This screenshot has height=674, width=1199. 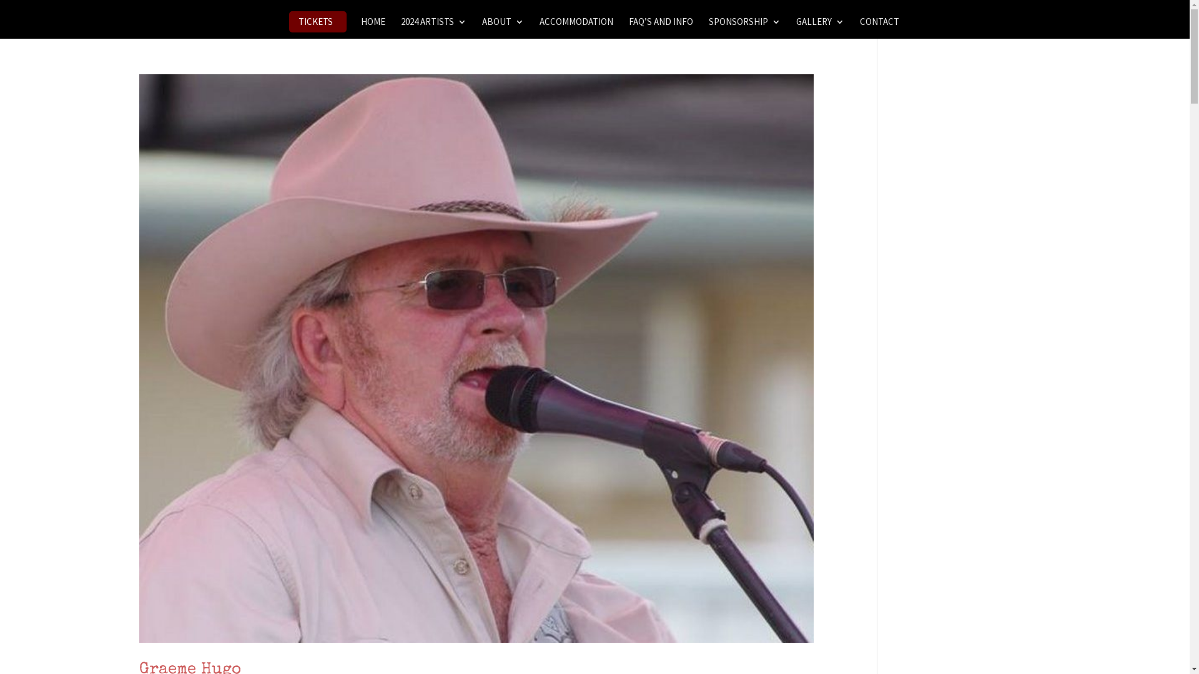 What do you see at coordinates (575, 27) in the screenshot?
I see `'ACCOMMODATION'` at bounding box center [575, 27].